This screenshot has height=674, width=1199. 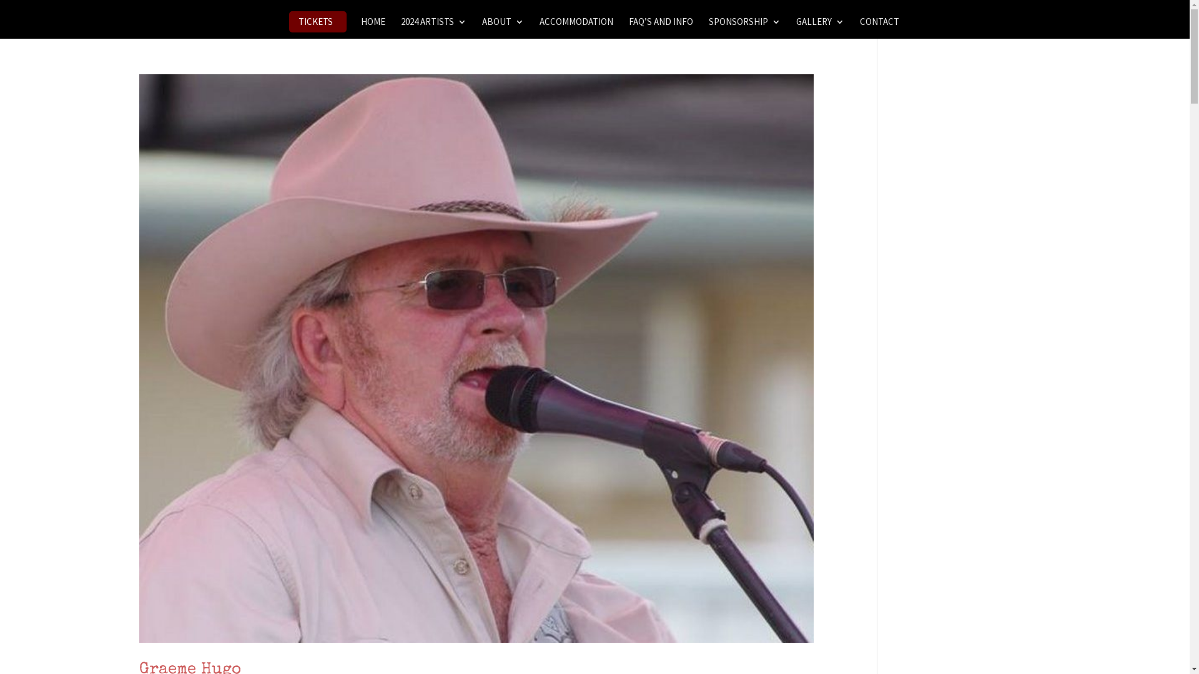 What do you see at coordinates (575, 27) in the screenshot?
I see `'ACCOMMODATION'` at bounding box center [575, 27].